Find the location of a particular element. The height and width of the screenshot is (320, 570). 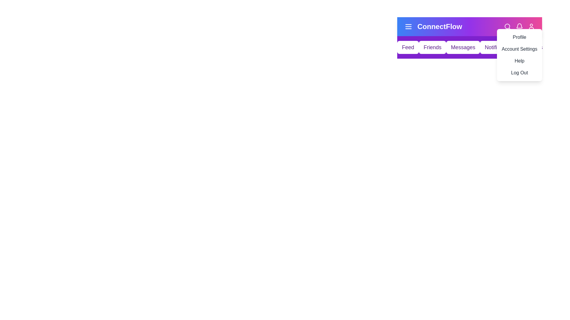

the navigation menu item labeled Settings to navigate to the respective section is located at coordinates (533, 47).